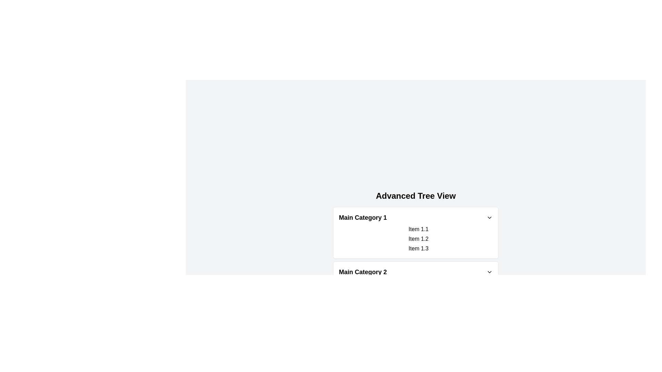  I want to click on the Text List element located under 'Main Category 1', which displays detailed options related to this category, so click(415, 239).